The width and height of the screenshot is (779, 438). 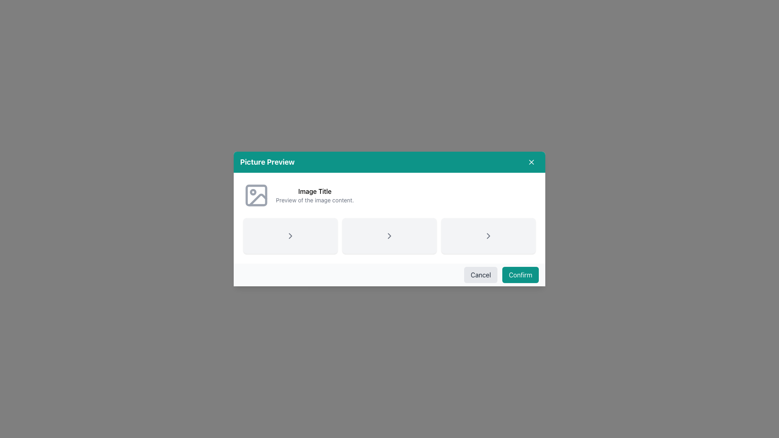 What do you see at coordinates (488, 236) in the screenshot?
I see `the third icon button located at the bottom-right of the modal dialog box to trigger a tooltip or visual response` at bounding box center [488, 236].